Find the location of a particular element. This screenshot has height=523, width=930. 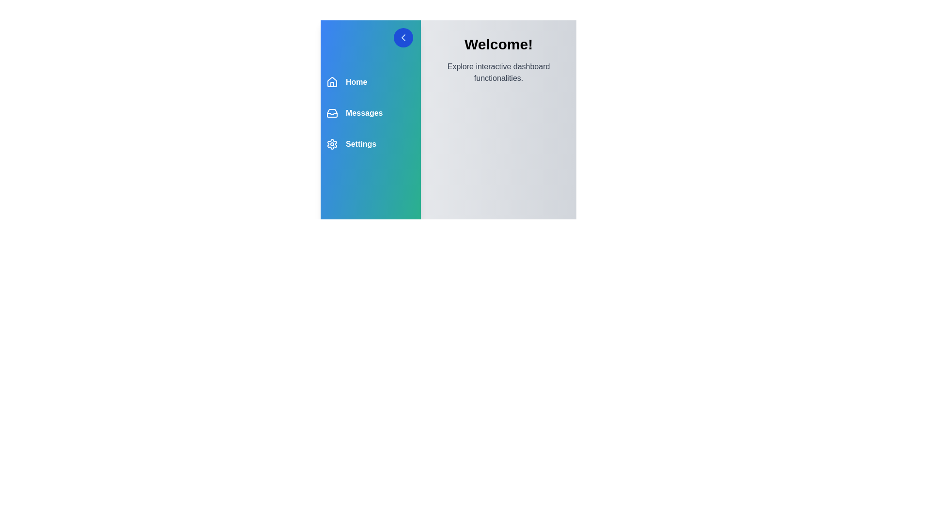

the leftward pointing chevron icon located at the top right corner of the sidebar button is located at coordinates (403, 37).